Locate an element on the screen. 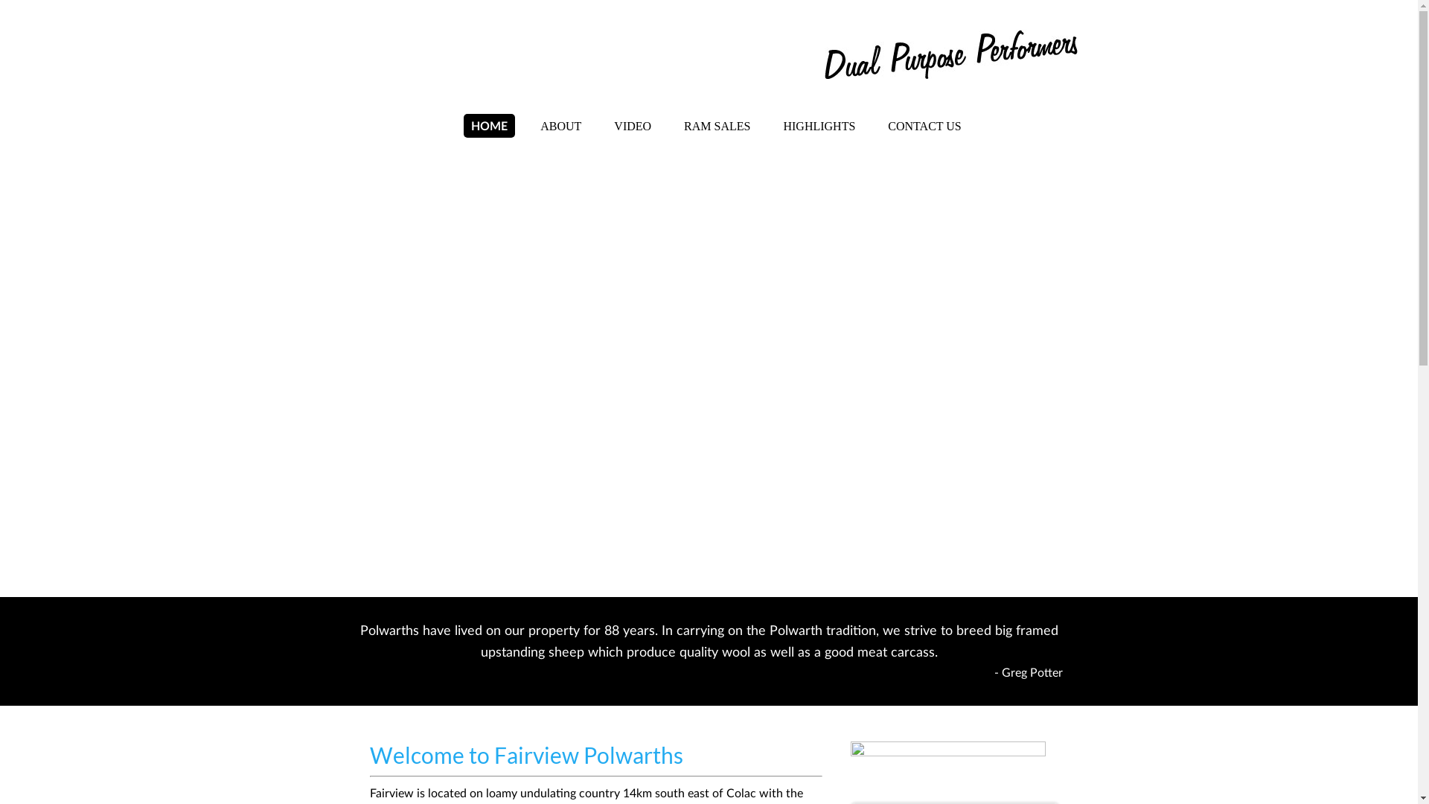  'CONTACT US' is located at coordinates (924, 125).